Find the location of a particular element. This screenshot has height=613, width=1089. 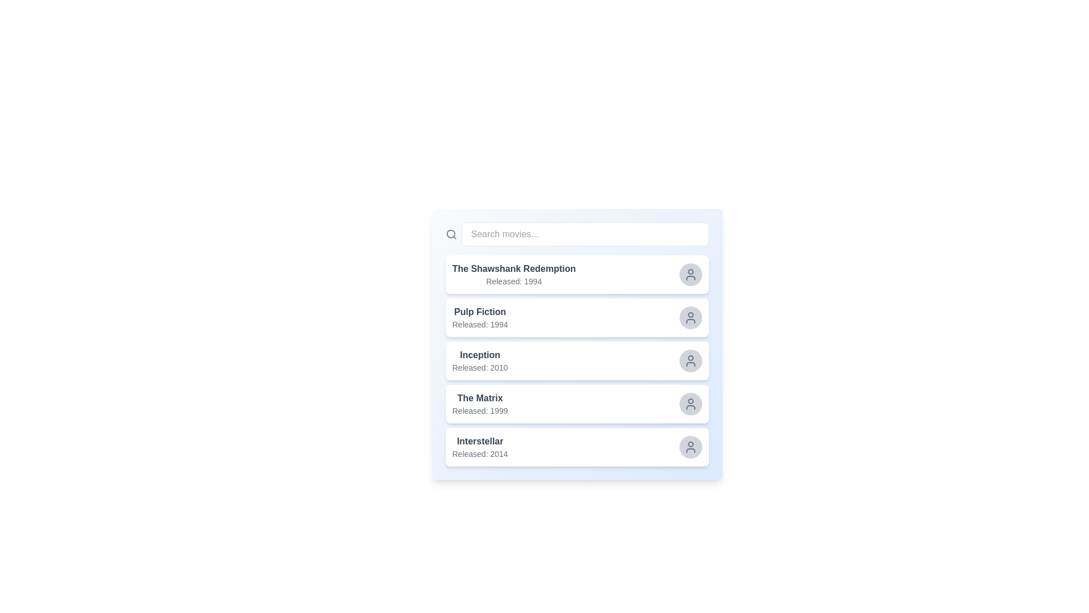

the static text element displaying 'The Shawshank Redemption' and 'Released: 1994', located in the first entry of a vertically aligned list under a search bar is located at coordinates (513, 274).